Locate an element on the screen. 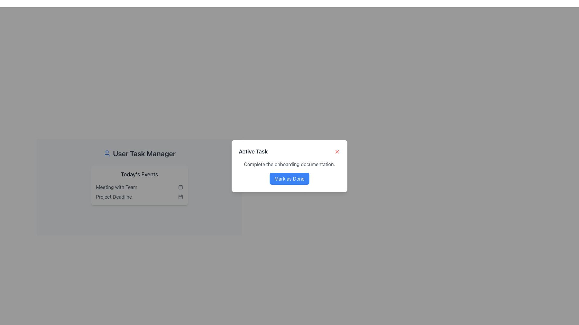  the blue user icon located at the top left corner of the 'User Task Manager' section, immediately to the left of the text 'User Task Manager' is located at coordinates (107, 153).